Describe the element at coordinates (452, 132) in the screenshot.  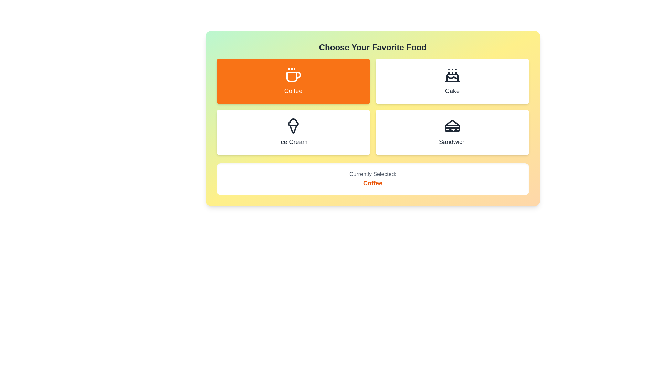
I see `the button corresponding to Sandwich to select it` at that location.